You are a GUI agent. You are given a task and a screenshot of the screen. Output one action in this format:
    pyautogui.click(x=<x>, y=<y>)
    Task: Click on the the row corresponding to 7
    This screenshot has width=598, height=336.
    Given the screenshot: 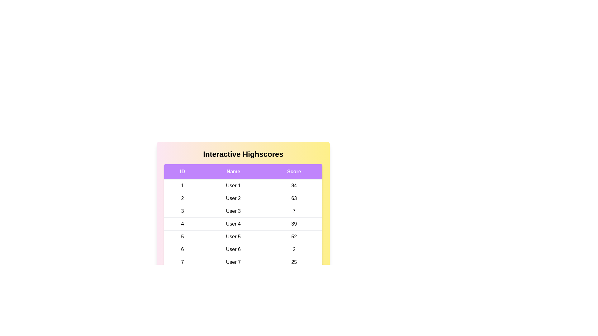 What is the action you would take?
    pyautogui.click(x=243, y=262)
    